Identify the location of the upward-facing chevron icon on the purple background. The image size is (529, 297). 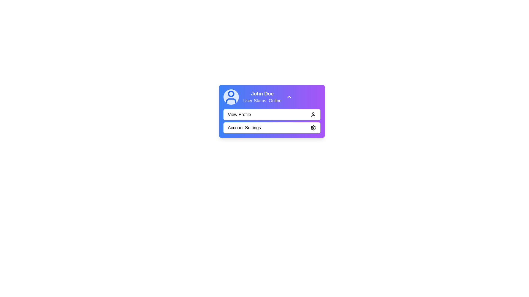
(289, 97).